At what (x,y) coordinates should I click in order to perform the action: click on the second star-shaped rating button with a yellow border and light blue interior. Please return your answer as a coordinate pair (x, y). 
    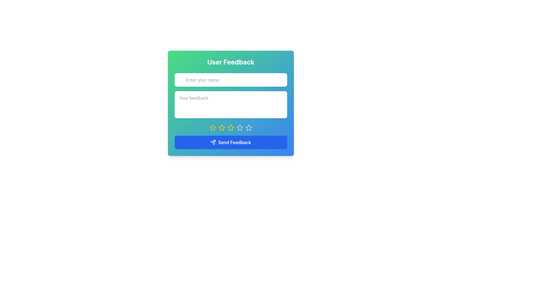
    Looking at the image, I should click on (212, 128).